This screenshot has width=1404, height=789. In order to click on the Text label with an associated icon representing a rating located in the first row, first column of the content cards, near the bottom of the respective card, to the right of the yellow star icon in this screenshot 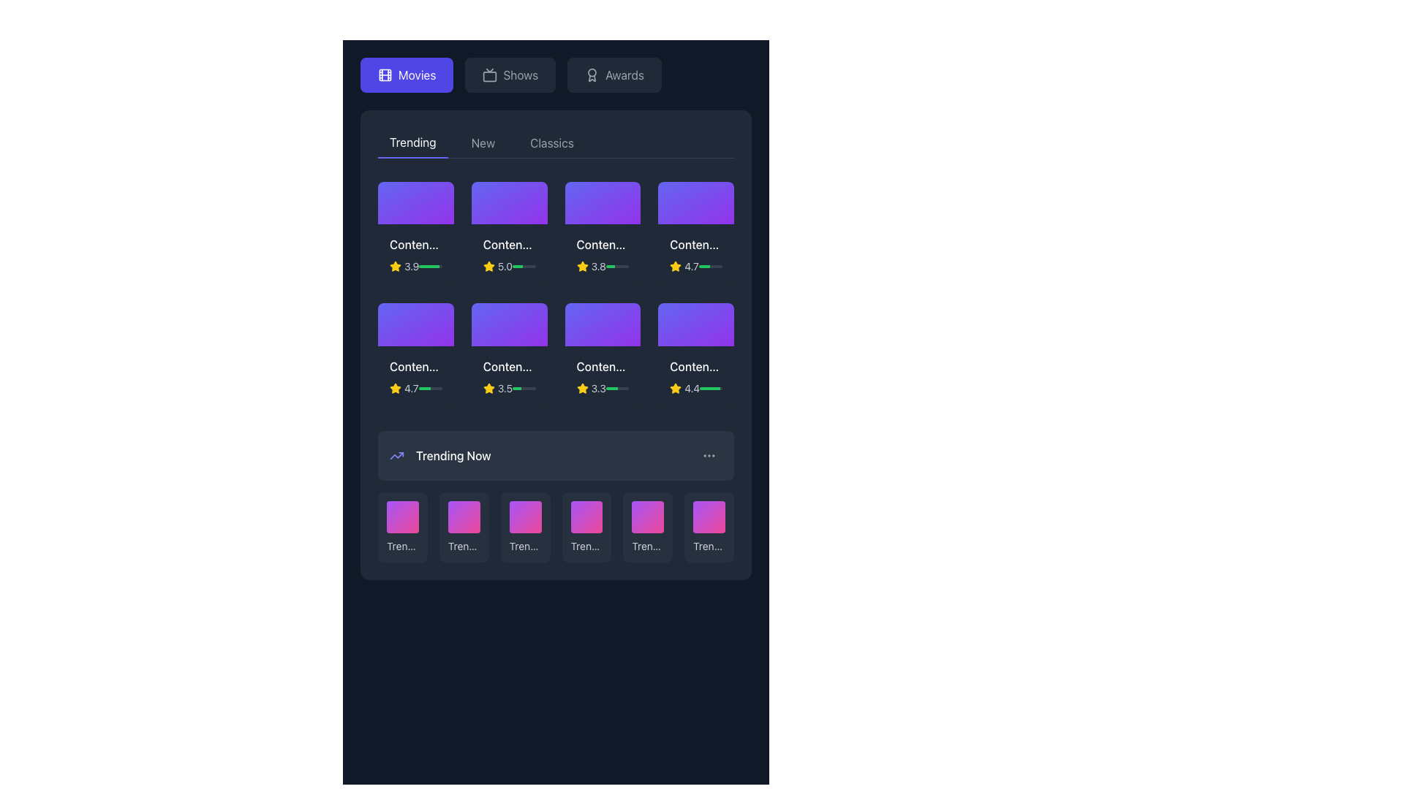, I will do `click(404, 267)`.